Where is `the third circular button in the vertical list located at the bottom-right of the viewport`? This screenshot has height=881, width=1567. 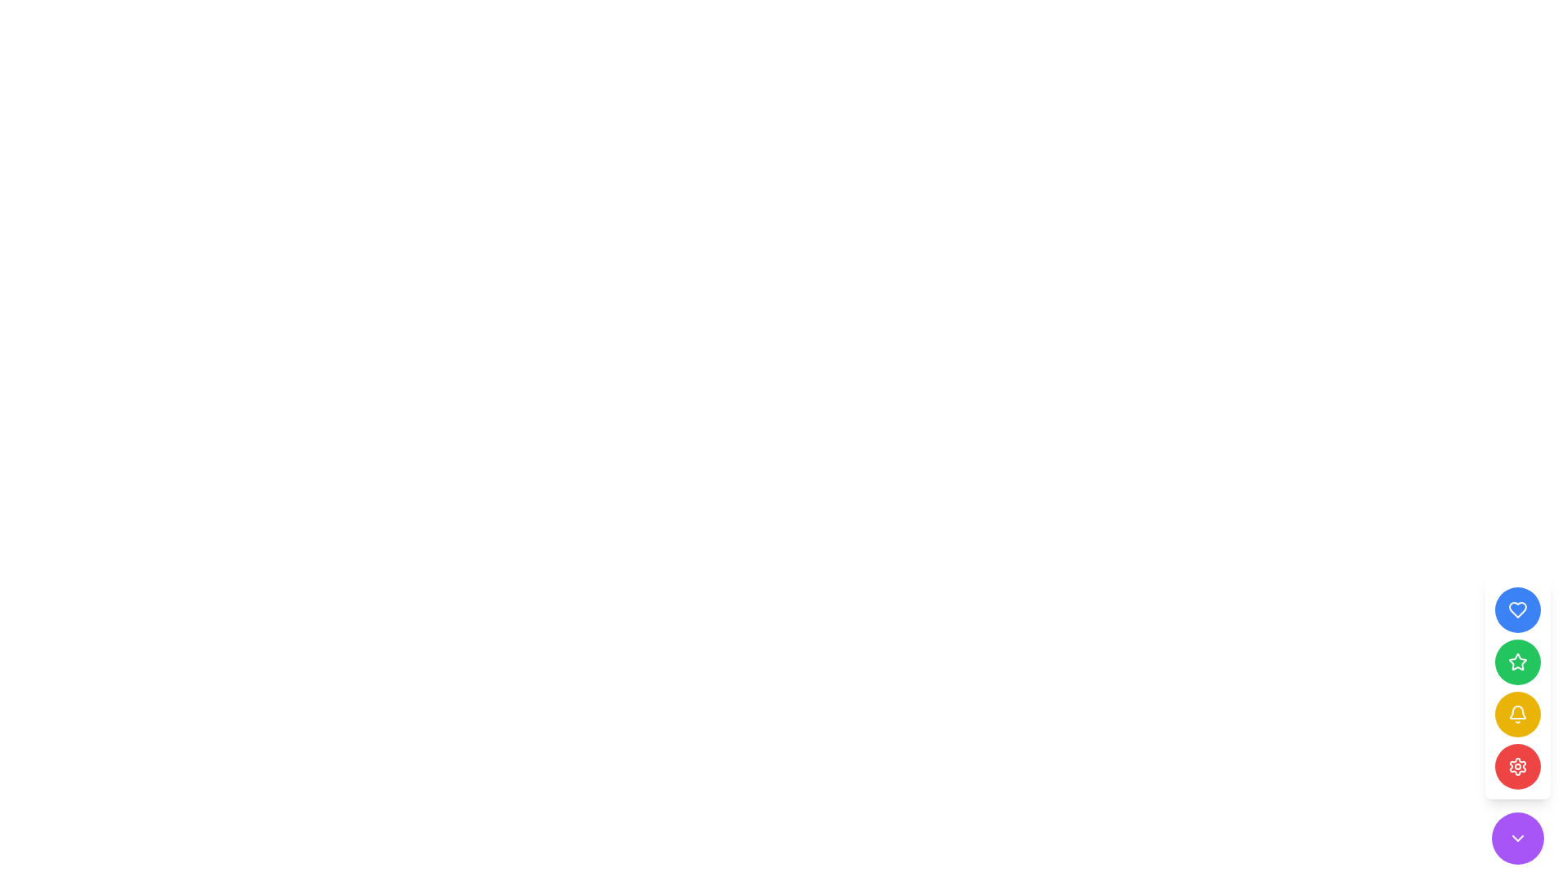 the third circular button in the vertical list located at the bottom-right of the viewport is located at coordinates (1517, 719).